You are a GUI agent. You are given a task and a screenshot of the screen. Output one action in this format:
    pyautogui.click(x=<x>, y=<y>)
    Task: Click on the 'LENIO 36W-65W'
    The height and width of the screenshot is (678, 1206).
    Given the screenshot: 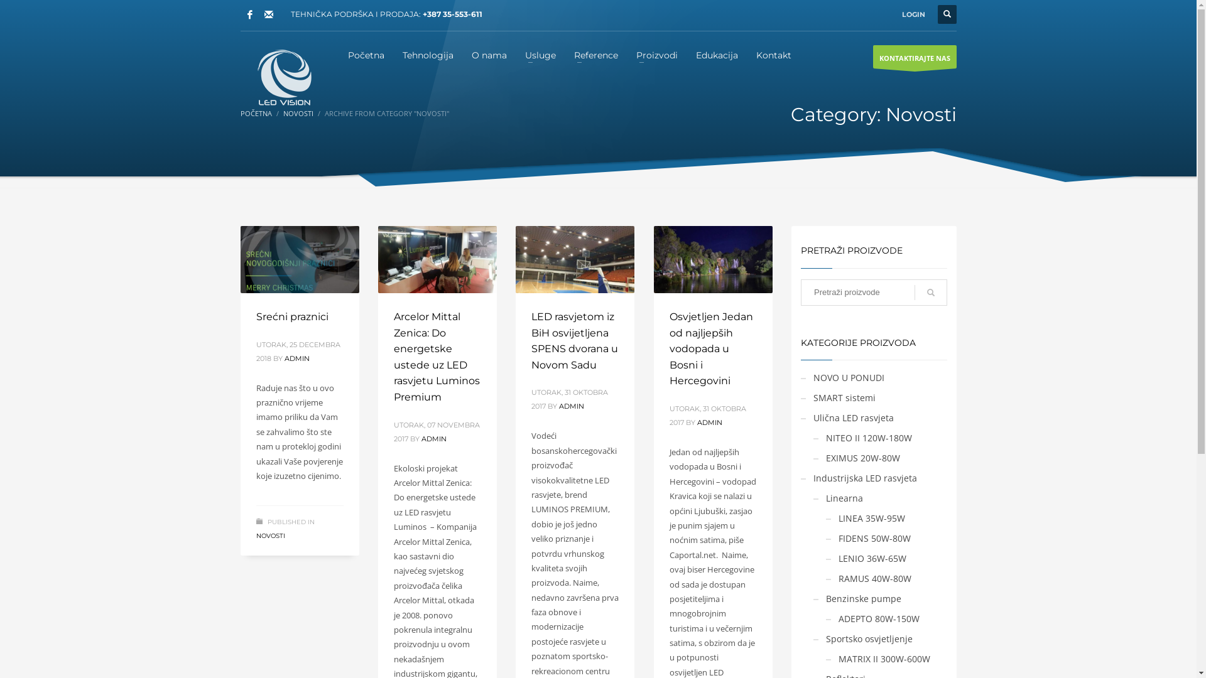 What is the action you would take?
    pyautogui.click(x=865, y=557)
    